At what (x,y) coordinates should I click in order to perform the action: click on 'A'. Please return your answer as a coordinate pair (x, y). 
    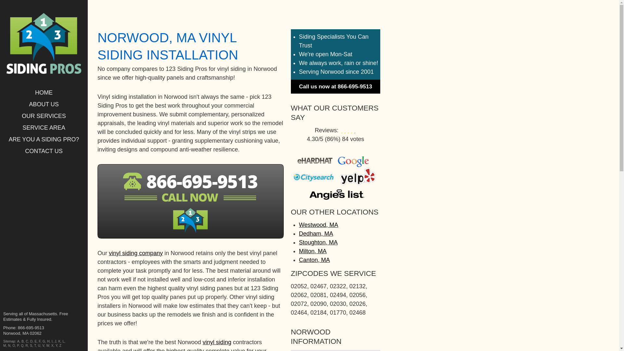
    Looking at the image, I should click on (18, 341).